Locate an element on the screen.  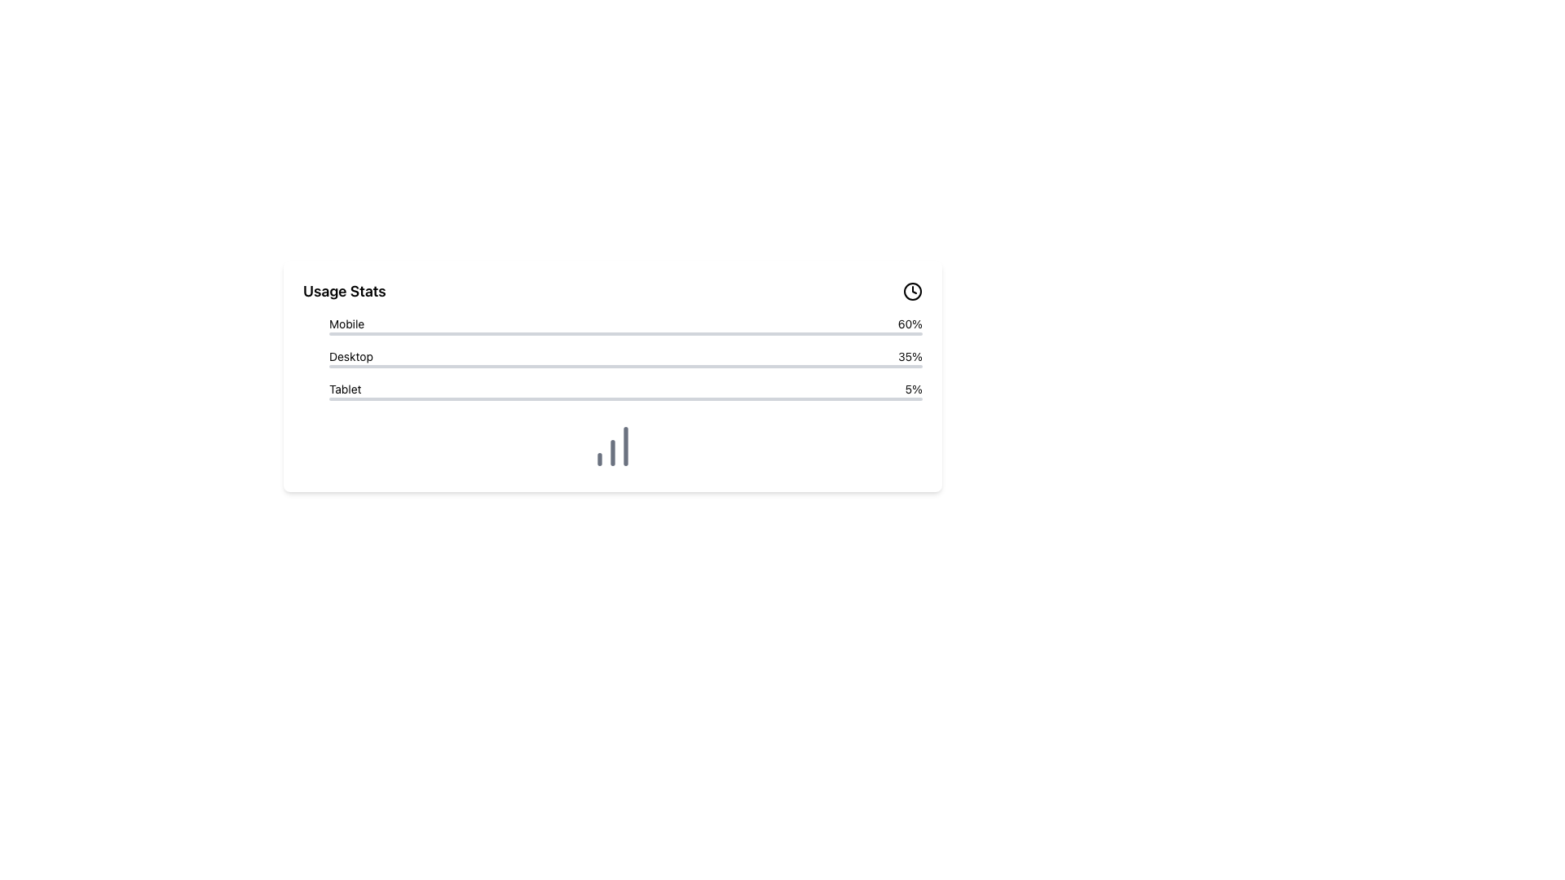
the Horizontal Bar Chart that represents desktop usage, which visually communicates 35% usage in the metrics section is located at coordinates (612, 357).